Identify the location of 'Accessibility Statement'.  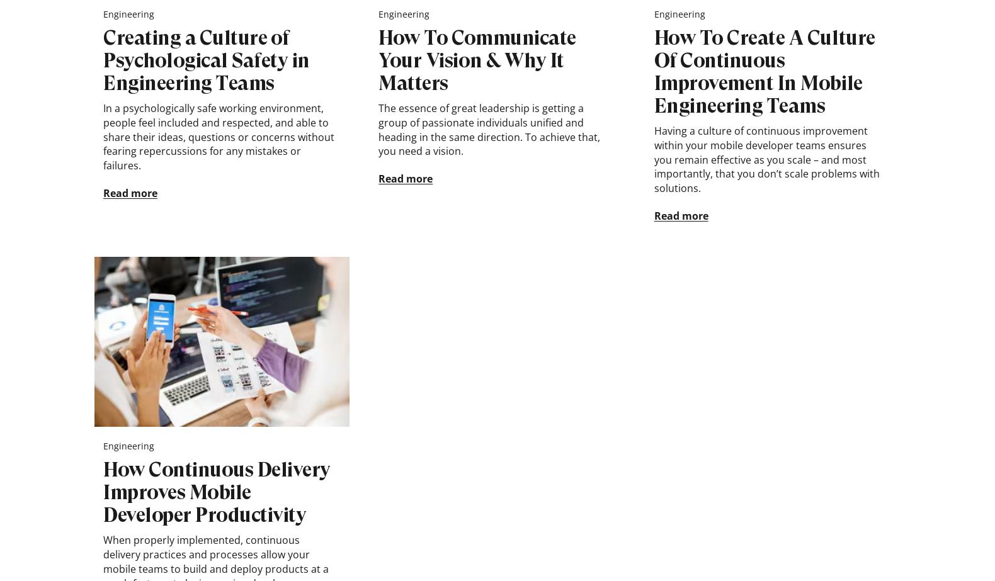
(654, 60).